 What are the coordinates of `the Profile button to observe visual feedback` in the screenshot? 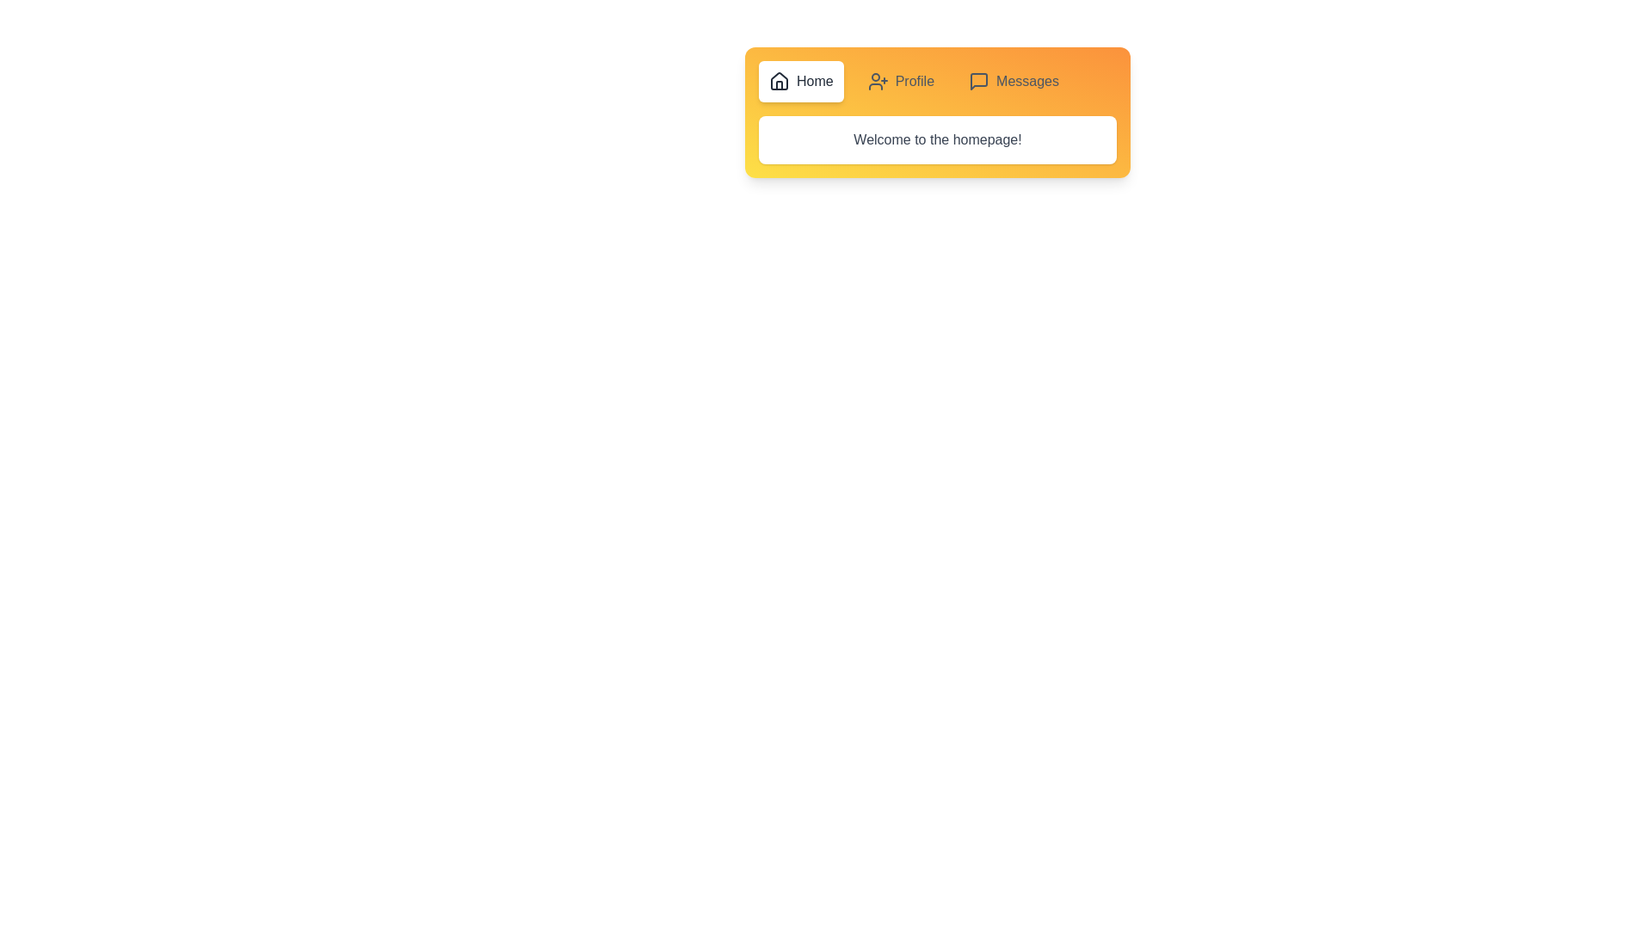 It's located at (899, 82).